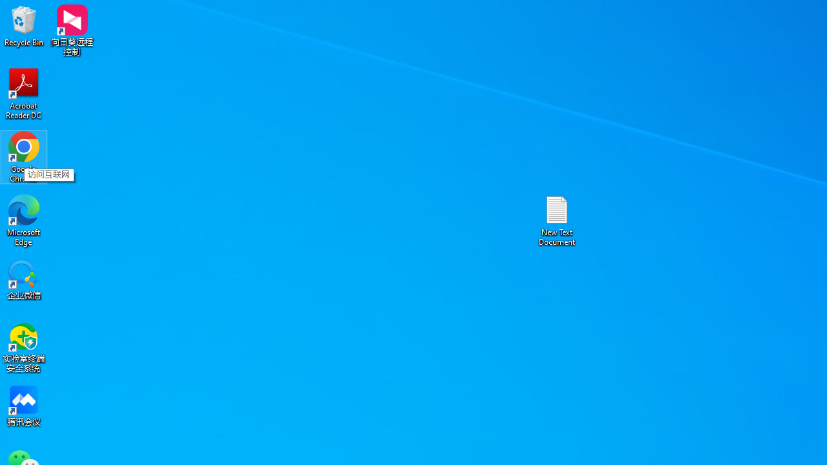 The width and height of the screenshot is (827, 465). Describe the element at coordinates (24, 93) in the screenshot. I see `'Acrobat Reader DC'` at that location.